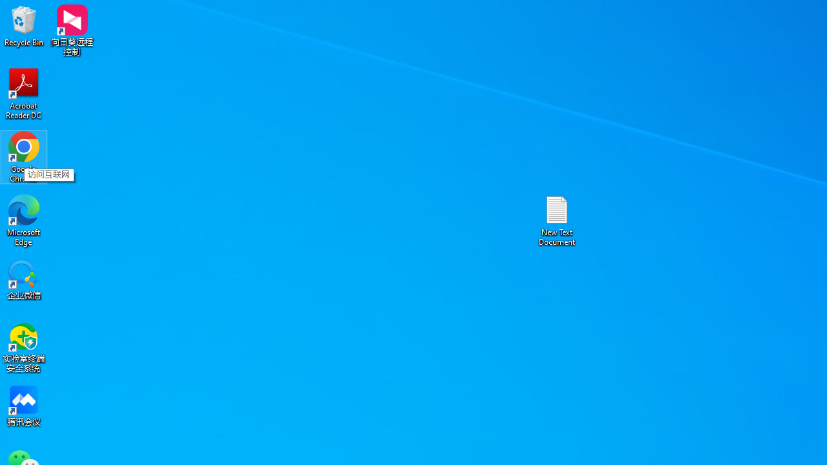 The width and height of the screenshot is (827, 465). Describe the element at coordinates (24, 93) in the screenshot. I see `'Acrobat Reader DC'` at that location.